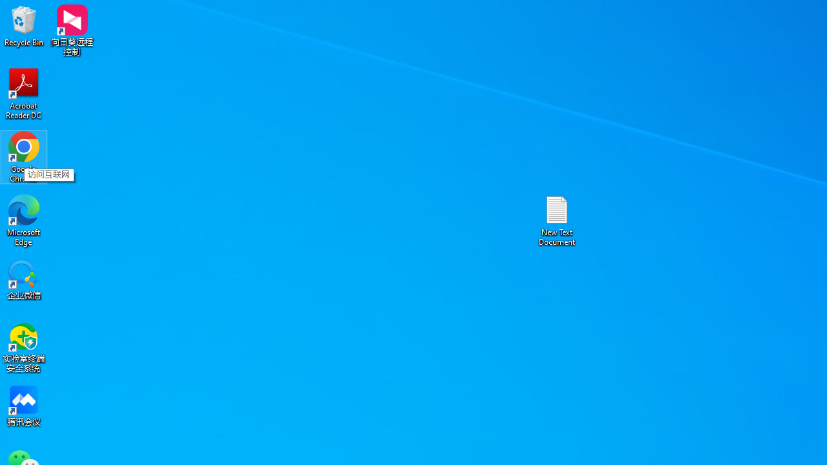 The width and height of the screenshot is (827, 465). Describe the element at coordinates (24, 93) in the screenshot. I see `'Acrobat Reader DC'` at that location.